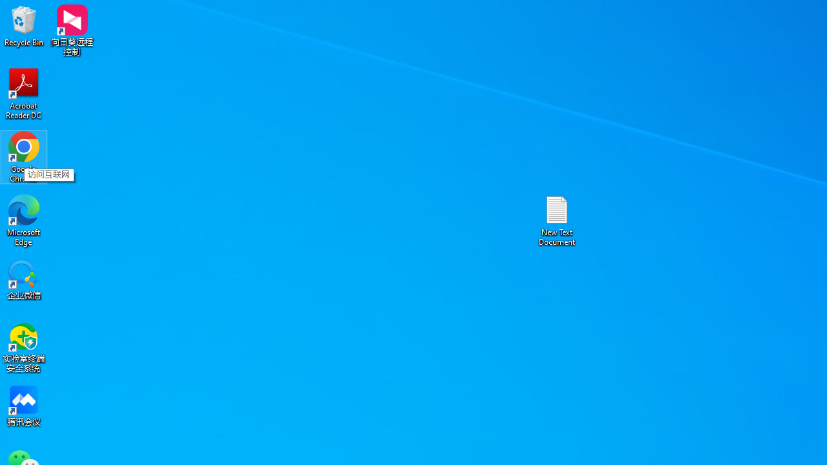 The width and height of the screenshot is (827, 465). Describe the element at coordinates (24, 93) in the screenshot. I see `'Acrobat Reader DC'` at that location.